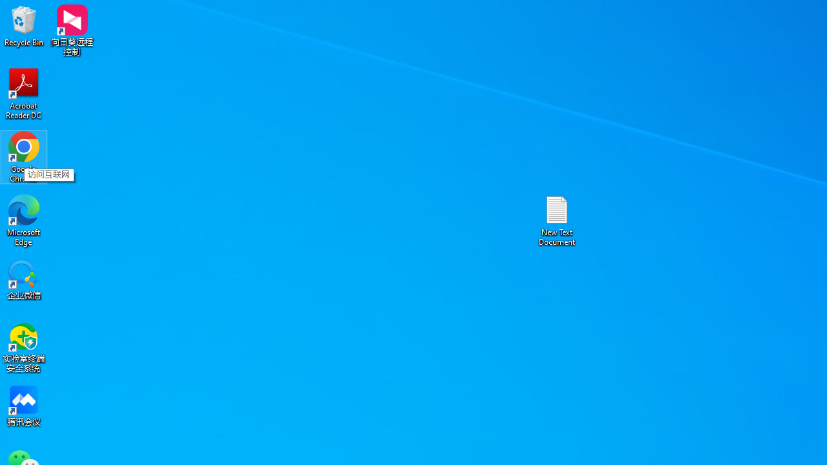 The width and height of the screenshot is (827, 465). Describe the element at coordinates (24, 93) in the screenshot. I see `'Acrobat Reader DC'` at that location.